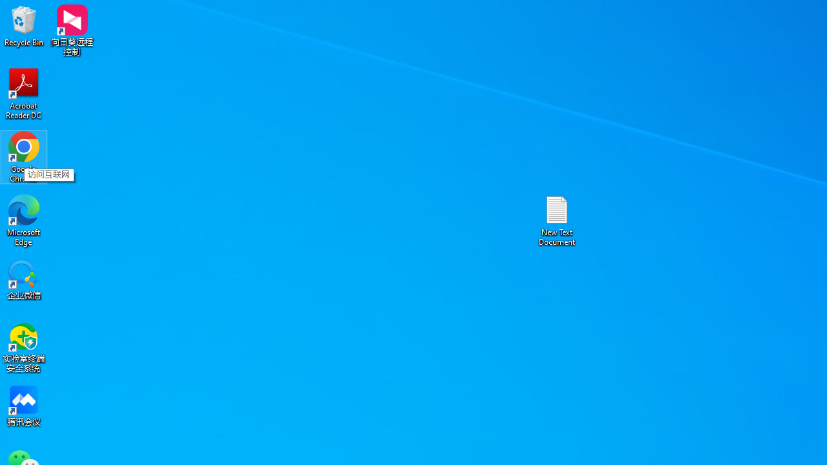 The width and height of the screenshot is (827, 465). Describe the element at coordinates (24, 93) in the screenshot. I see `'Acrobat Reader DC'` at that location.